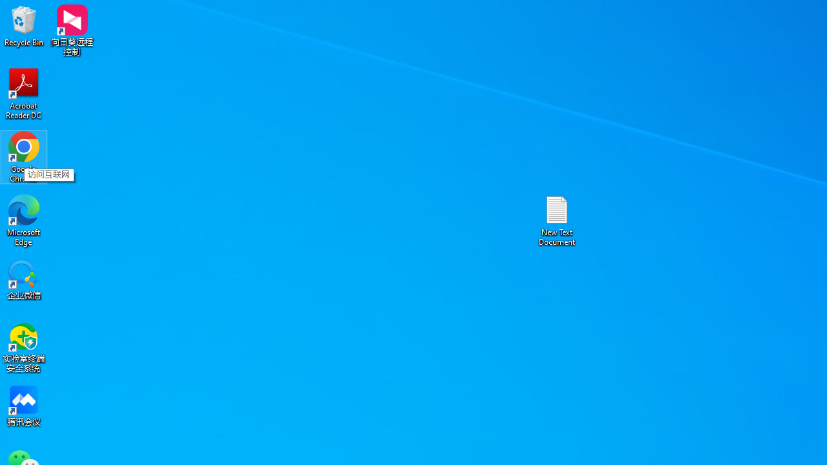 The width and height of the screenshot is (827, 465). Describe the element at coordinates (24, 93) in the screenshot. I see `'Acrobat Reader DC'` at that location.